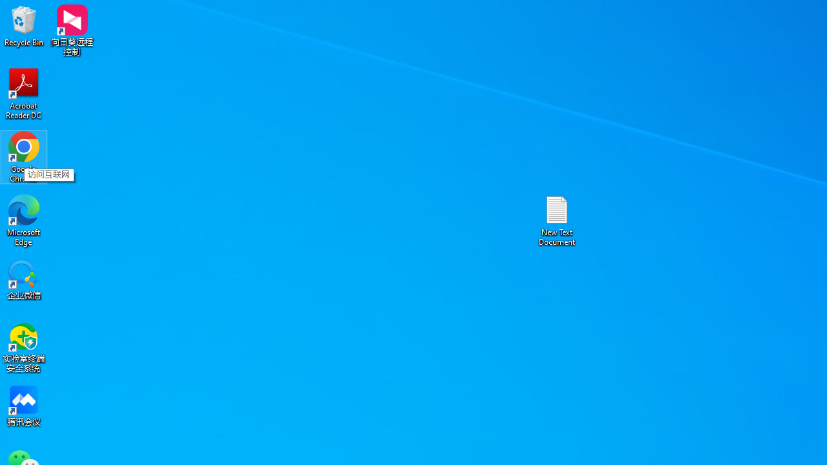 The width and height of the screenshot is (827, 465). Describe the element at coordinates (24, 93) in the screenshot. I see `'Acrobat Reader DC'` at that location.